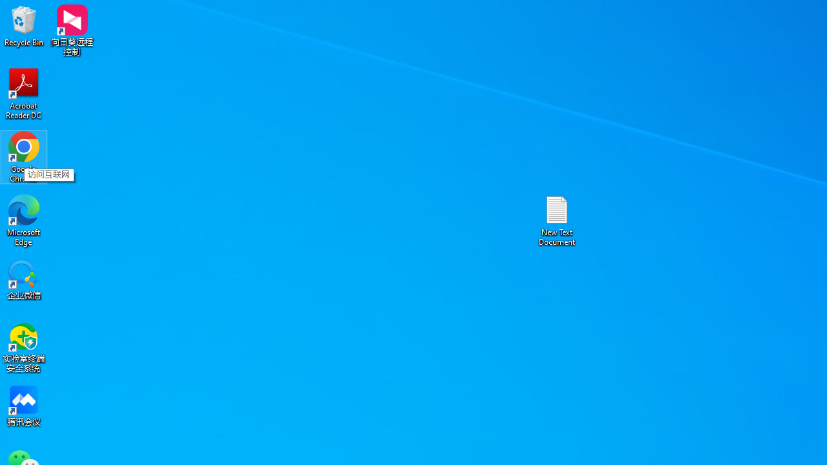 The width and height of the screenshot is (827, 465). Describe the element at coordinates (24, 93) in the screenshot. I see `'Acrobat Reader DC'` at that location.